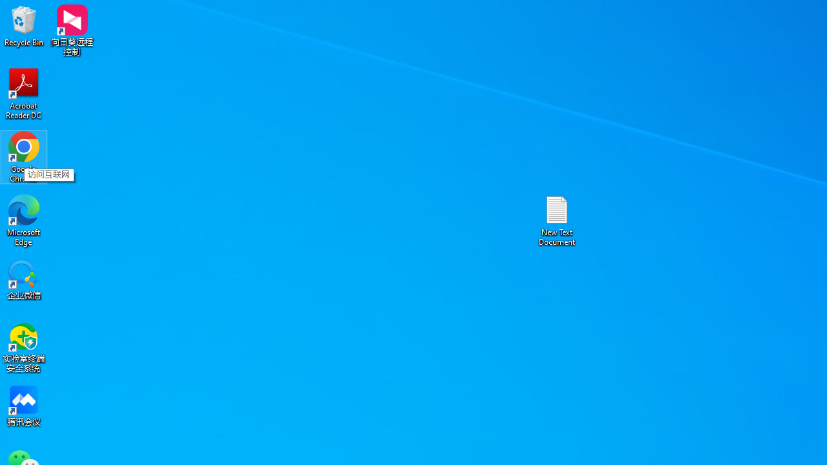 The width and height of the screenshot is (827, 465). Describe the element at coordinates (24, 93) in the screenshot. I see `'Acrobat Reader DC'` at that location.